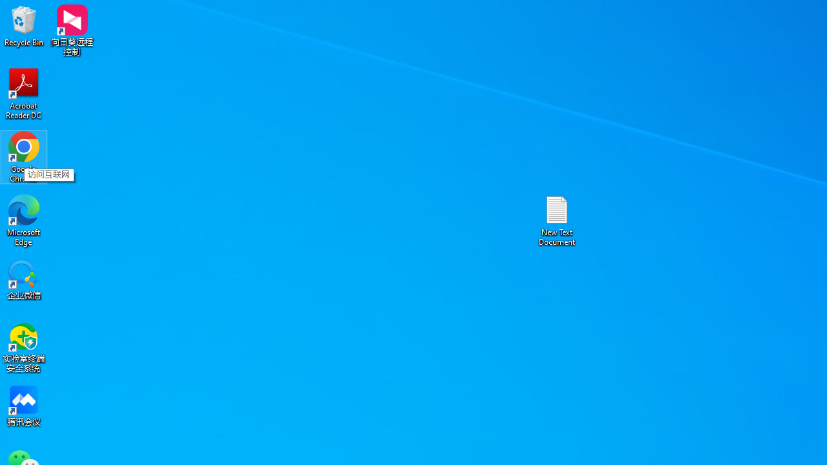 The width and height of the screenshot is (827, 465). Describe the element at coordinates (24, 93) in the screenshot. I see `'Acrobat Reader DC'` at that location.